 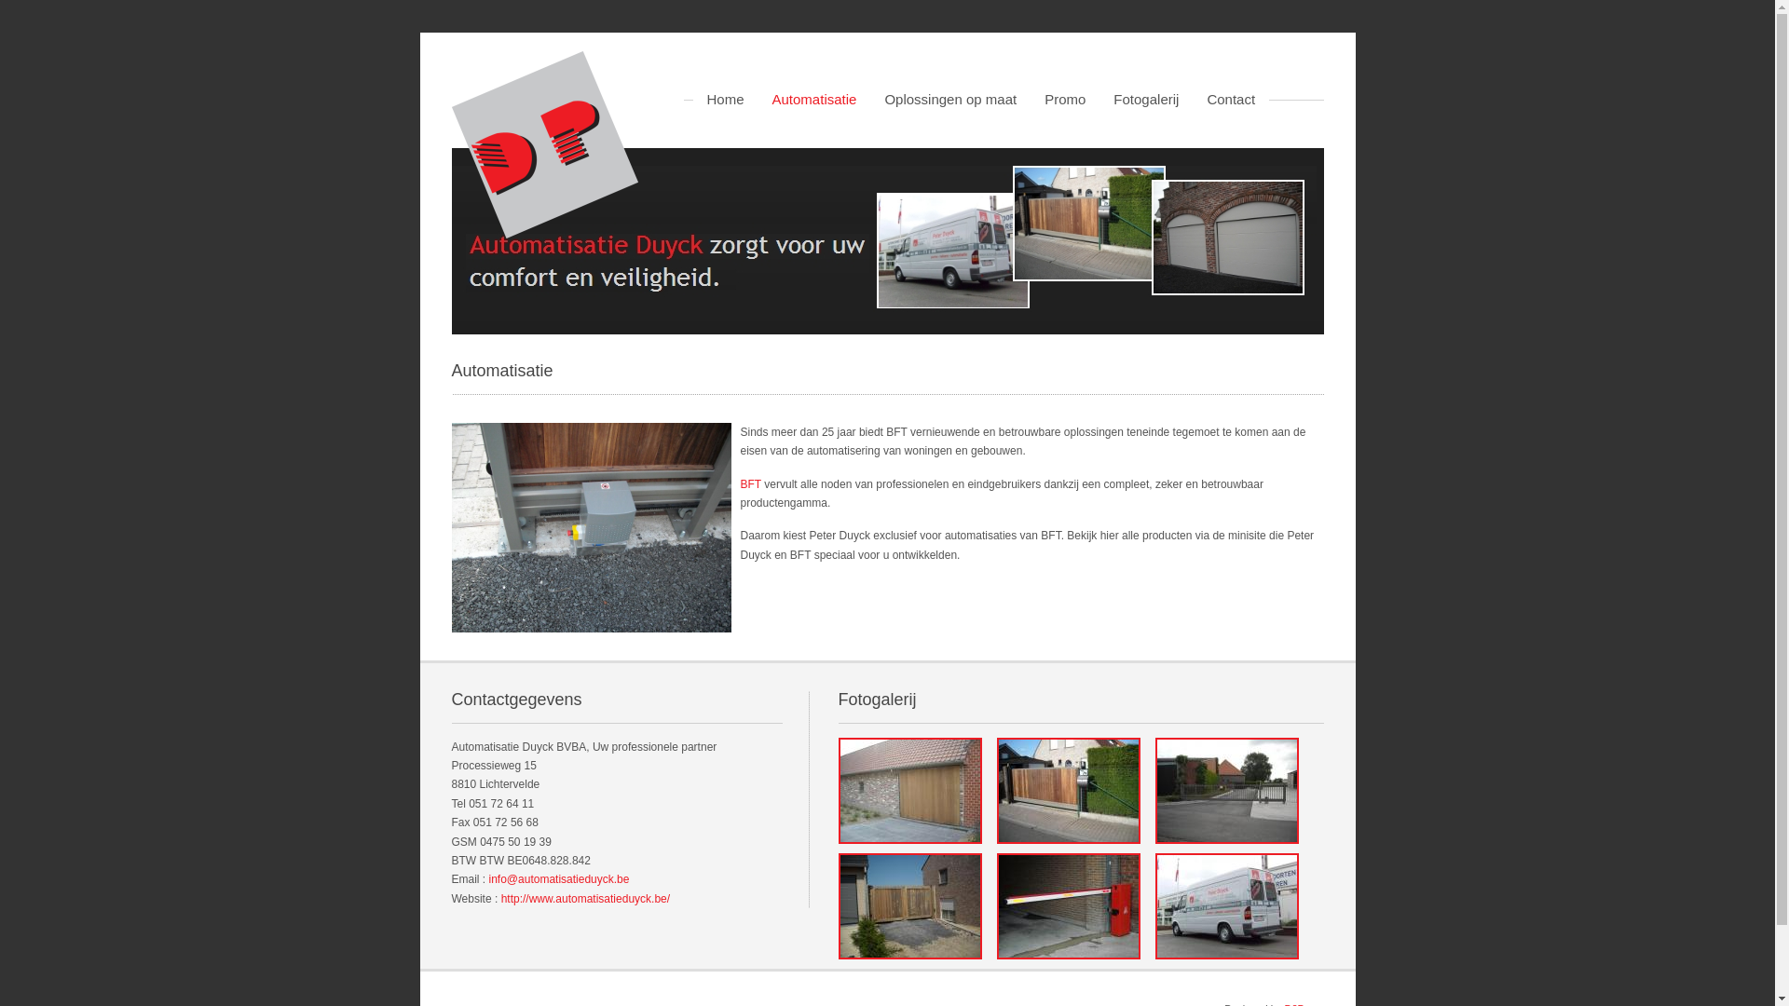 I want to click on 'http://www.automatisatieduyck.be/', so click(x=584, y=897).